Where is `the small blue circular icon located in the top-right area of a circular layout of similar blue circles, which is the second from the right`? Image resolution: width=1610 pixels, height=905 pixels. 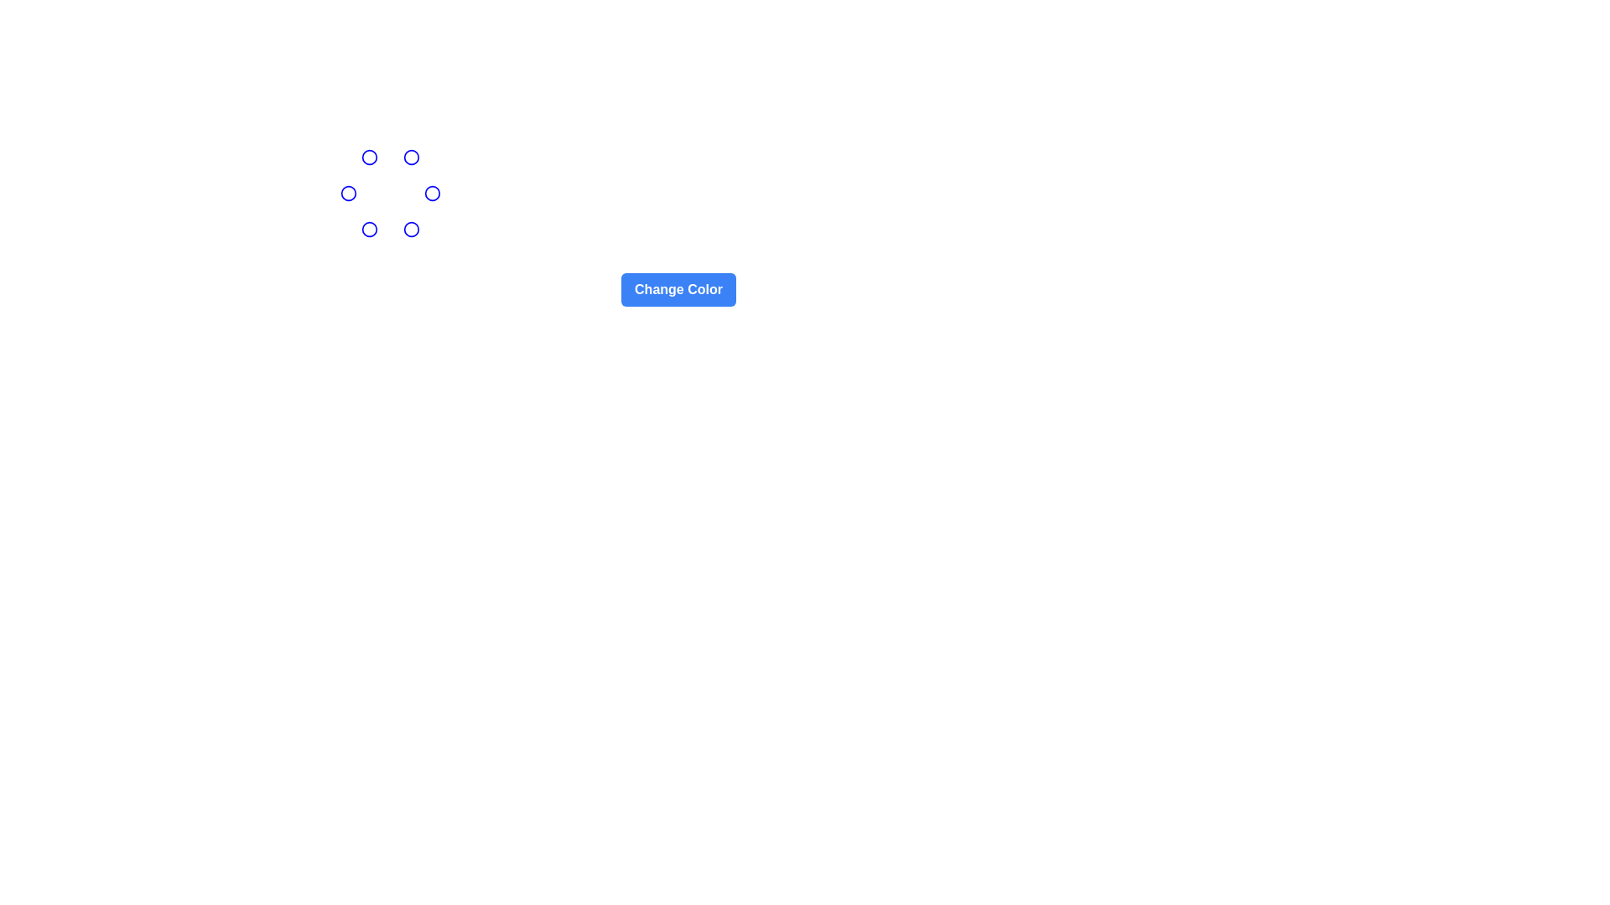
the small blue circular icon located in the top-right area of a circular layout of similar blue circles, which is the second from the right is located at coordinates (432, 193).